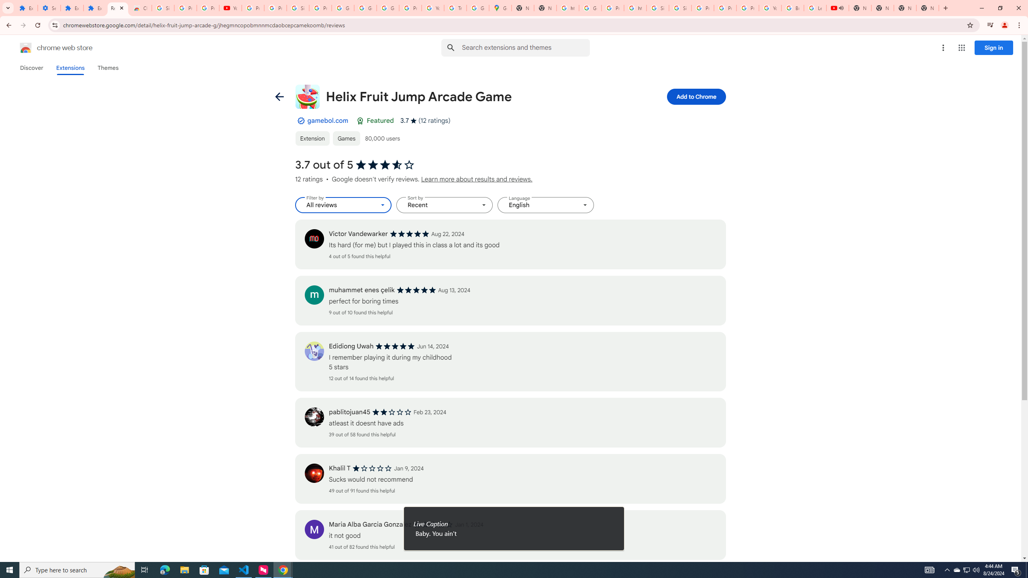  I want to click on 'Games', so click(346, 138).